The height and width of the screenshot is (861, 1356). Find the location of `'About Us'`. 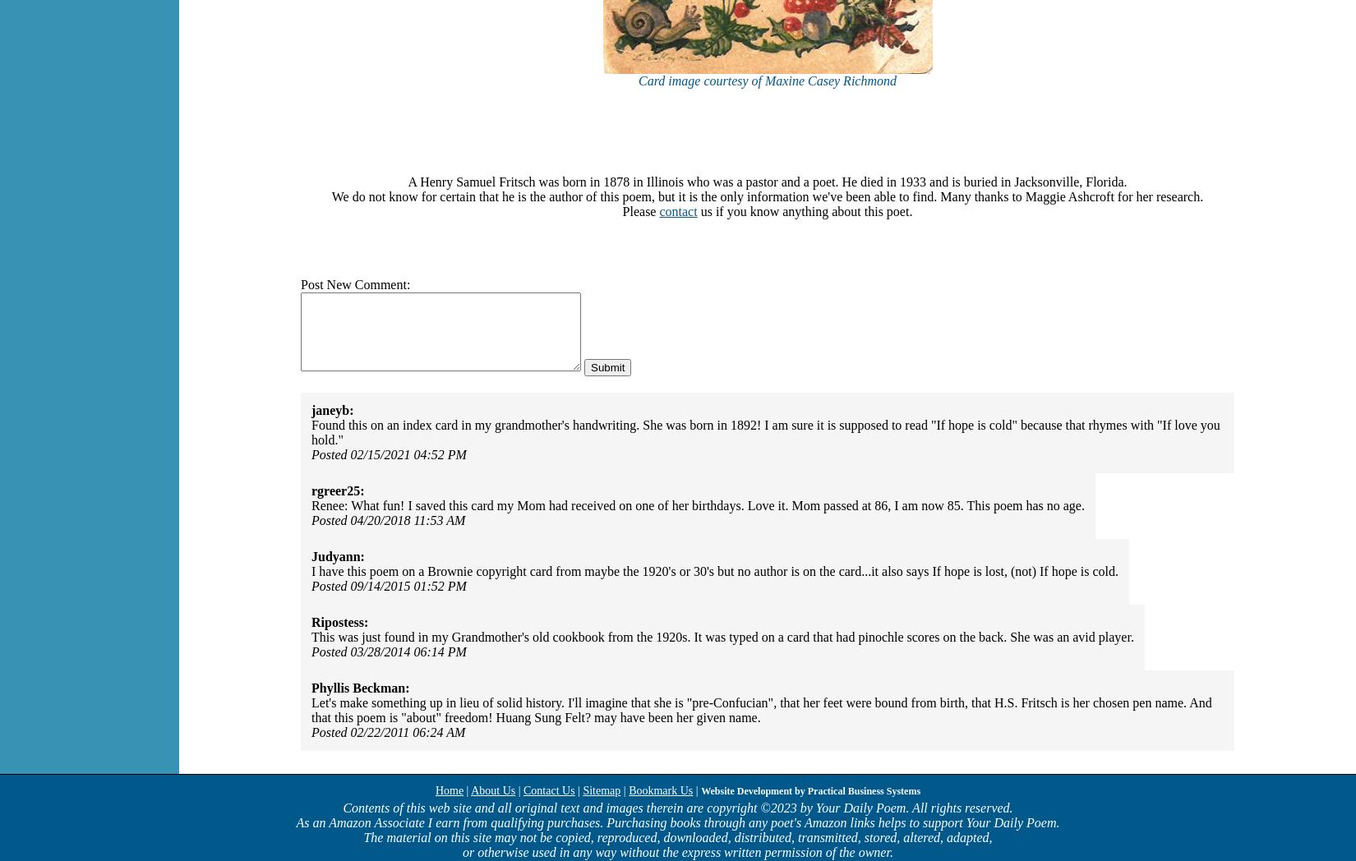

'About Us' is located at coordinates (491, 790).